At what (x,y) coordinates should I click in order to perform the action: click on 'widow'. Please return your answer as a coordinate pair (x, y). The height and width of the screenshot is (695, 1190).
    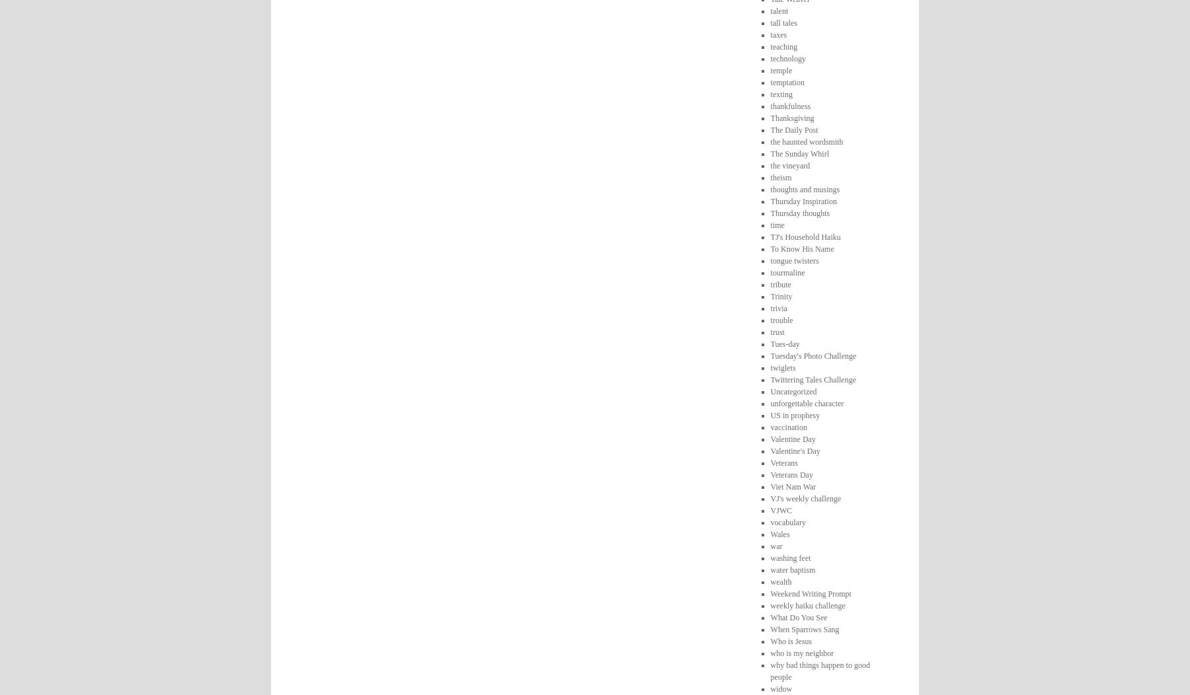
    Looking at the image, I should click on (780, 688).